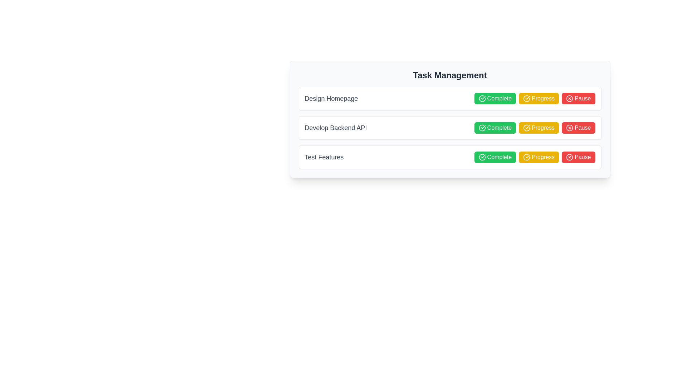 The height and width of the screenshot is (386, 687). I want to click on the yellow circular icon with a checkmark in its center, which is part of the 'Progress' button in the task management table, so click(527, 157).